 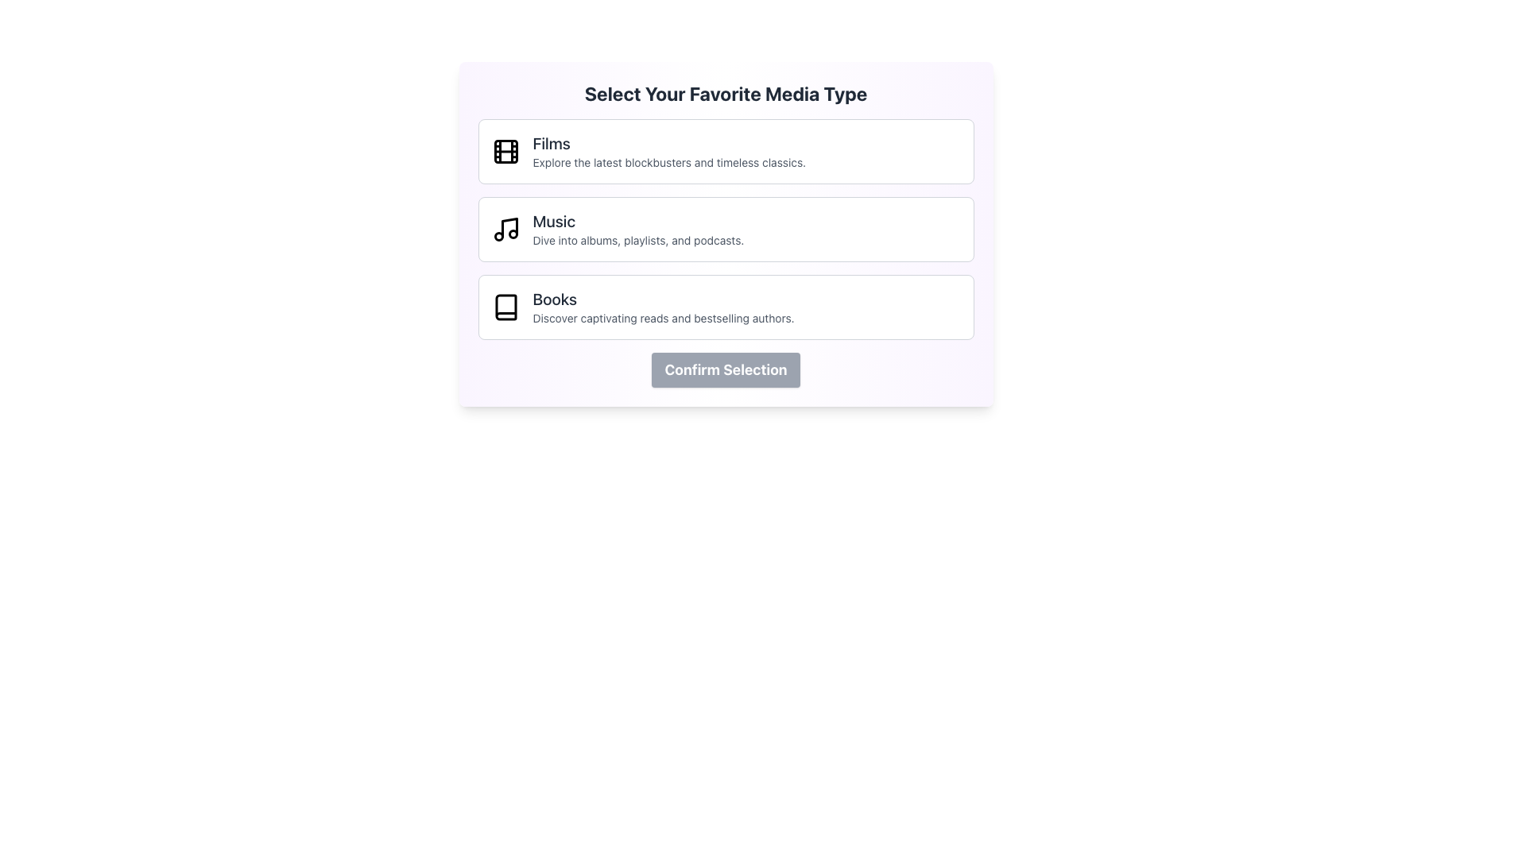 I want to click on the 'Music' media type label, which is the second option in the list of selectable media types under 'Select Your Favorite Media Type', so click(x=638, y=230).